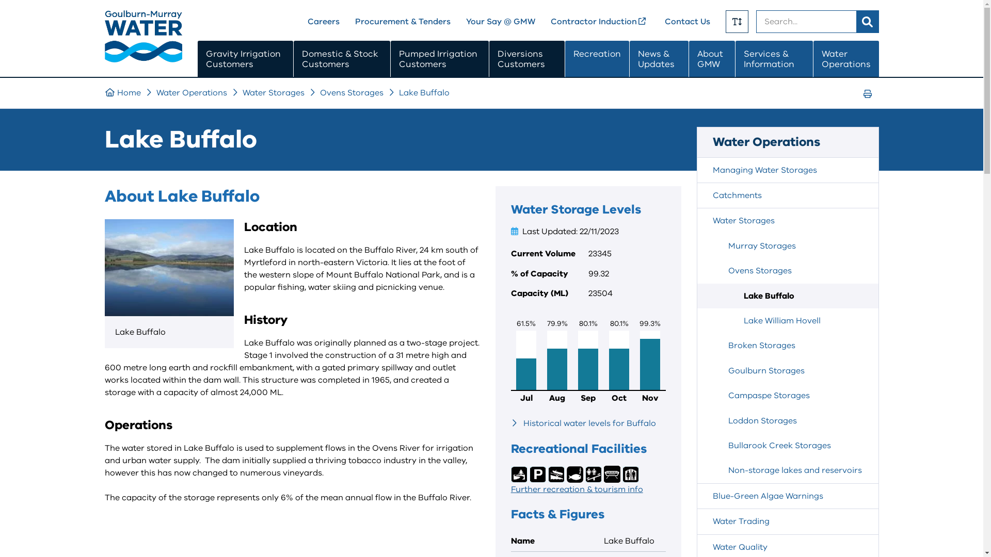 The height and width of the screenshot is (557, 991). Describe the element at coordinates (867, 22) in the screenshot. I see `'Search'` at that location.